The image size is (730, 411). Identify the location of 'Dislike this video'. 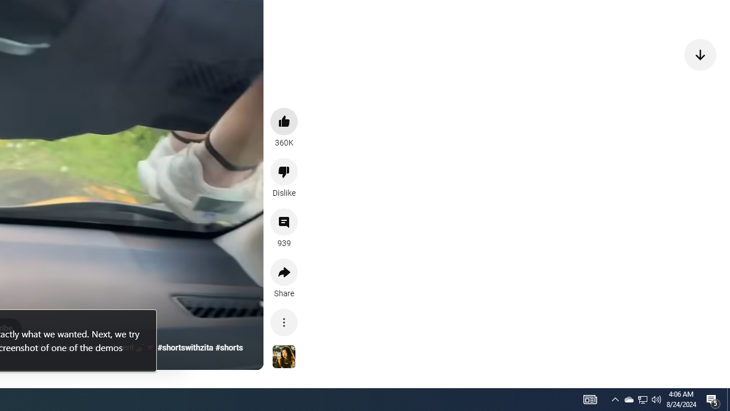
(284, 171).